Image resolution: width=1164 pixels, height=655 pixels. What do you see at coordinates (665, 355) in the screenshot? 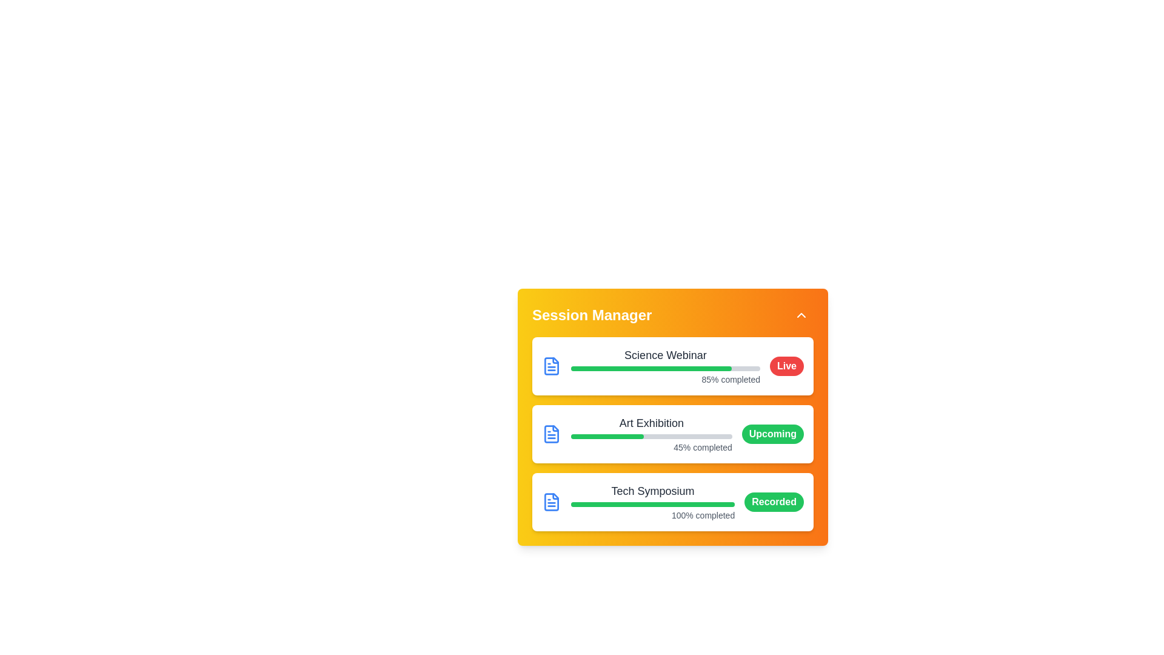
I see `the session in operations using the 'Science Webinar' title label, which is styled in dark gray` at bounding box center [665, 355].